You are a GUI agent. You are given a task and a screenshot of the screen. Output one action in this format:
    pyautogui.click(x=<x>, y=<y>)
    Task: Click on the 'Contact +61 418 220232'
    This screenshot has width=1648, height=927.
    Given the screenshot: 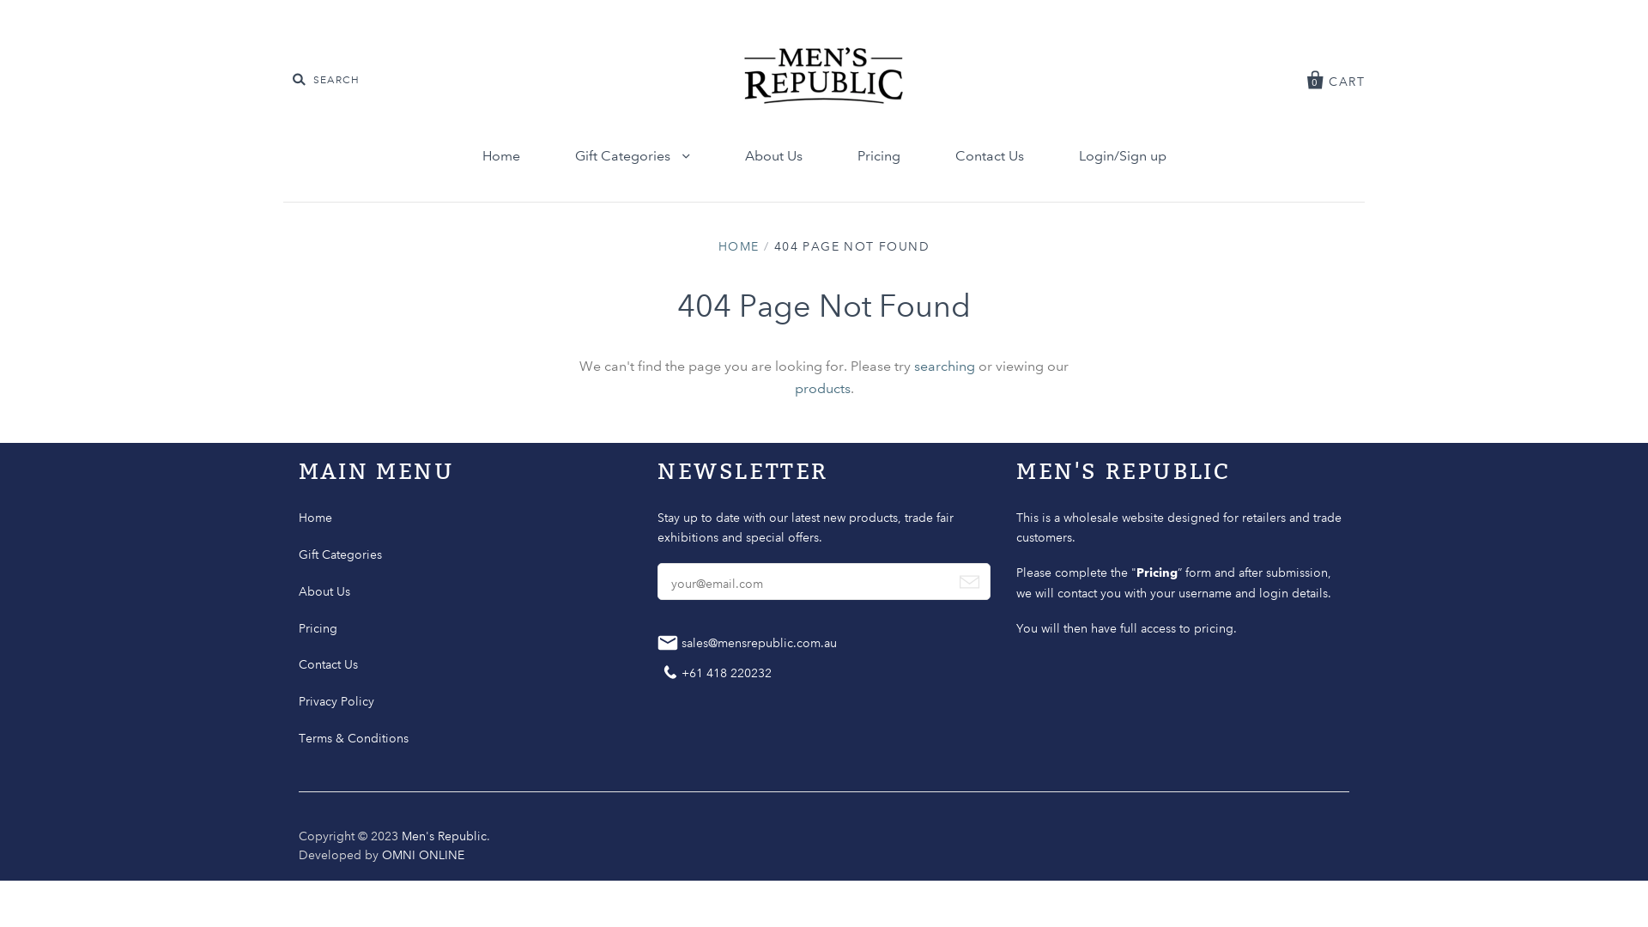 What is the action you would take?
    pyautogui.click(x=718, y=671)
    